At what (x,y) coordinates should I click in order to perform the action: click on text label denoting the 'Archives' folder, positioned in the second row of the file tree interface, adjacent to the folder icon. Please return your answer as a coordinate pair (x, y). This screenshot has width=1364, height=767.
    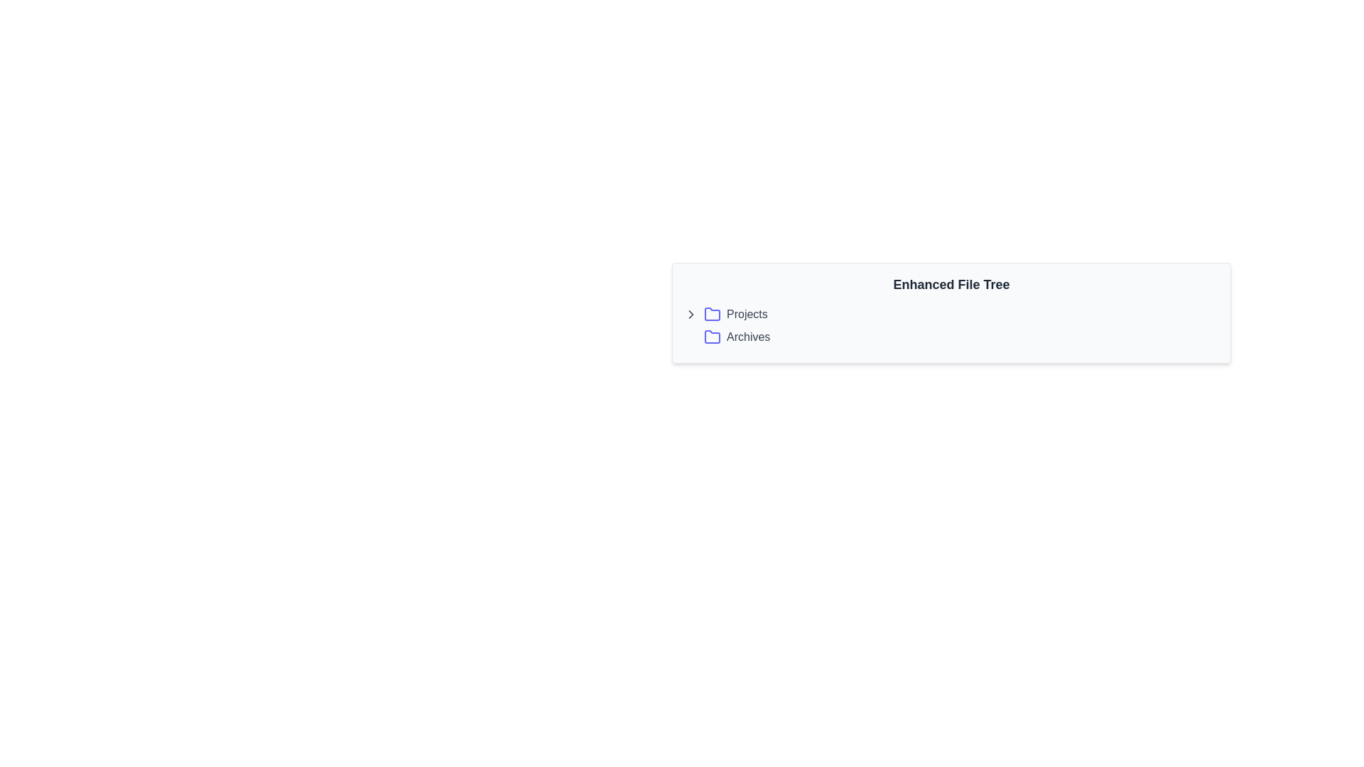
    Looking at the image, I should click on (747, 337).